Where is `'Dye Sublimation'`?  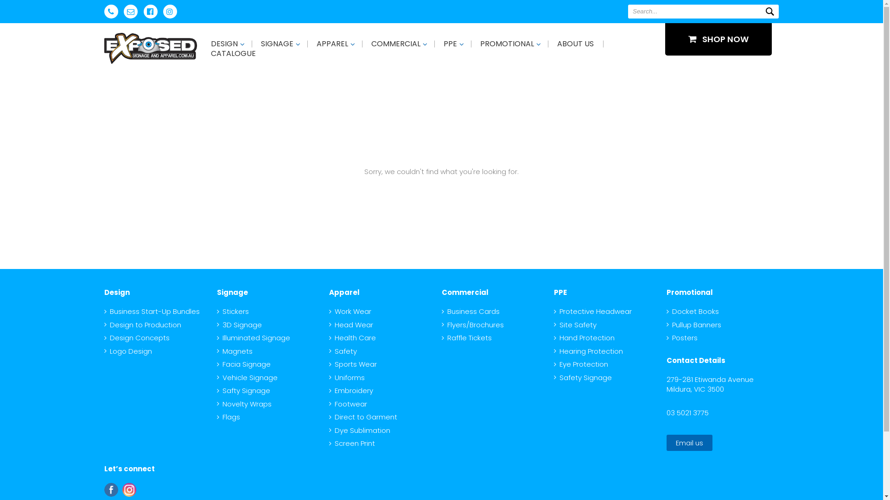 'Dye Sublimation' is located at coordinates (359, 430).